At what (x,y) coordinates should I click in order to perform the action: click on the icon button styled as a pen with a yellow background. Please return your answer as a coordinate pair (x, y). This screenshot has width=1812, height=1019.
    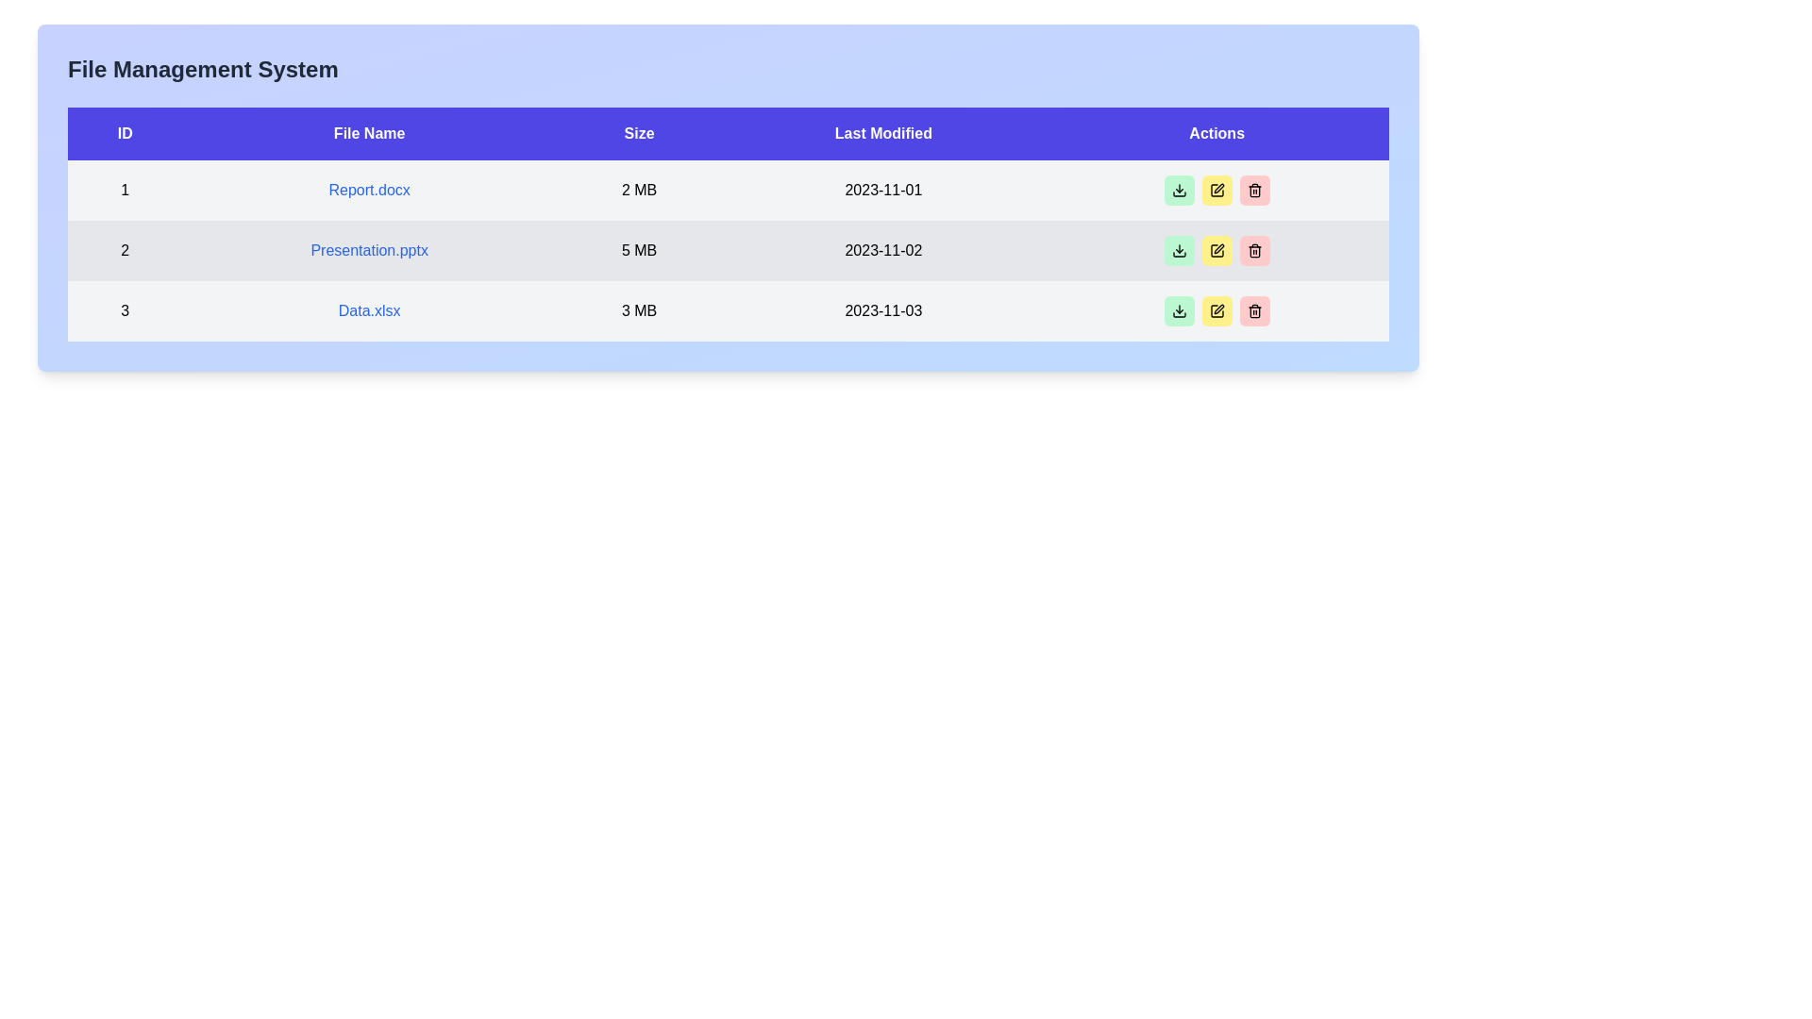
    Looking at the image, I should click on (1216, 250).